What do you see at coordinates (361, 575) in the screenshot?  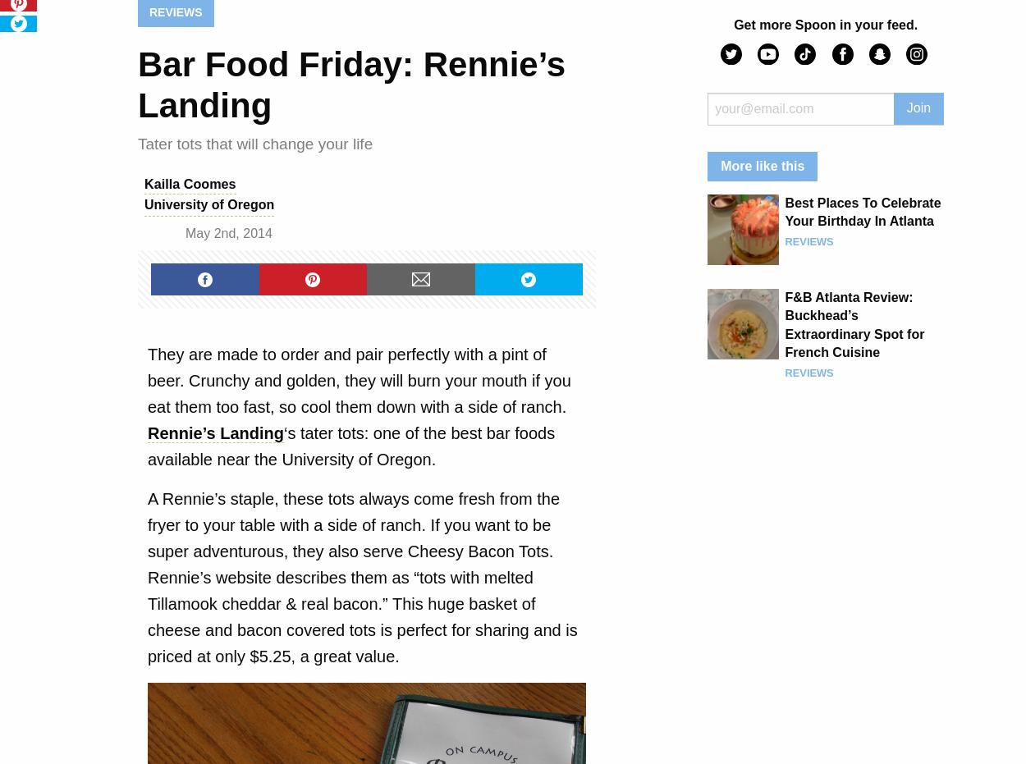 I see `'A Rennie’s staple, these tots always come fresh from the fryer to your table with a side of ranch. If you want to be super adventurous, they also serve Cheesy Bacon Tots. Rennie’s website describes them as “tots with melted Tillamook cheddar & real bacon.” This huge basket of cheese and bacon covered tots is perfect for sharing and is priced at only $5.25, a great value.'` at bounding box center [361, 575].